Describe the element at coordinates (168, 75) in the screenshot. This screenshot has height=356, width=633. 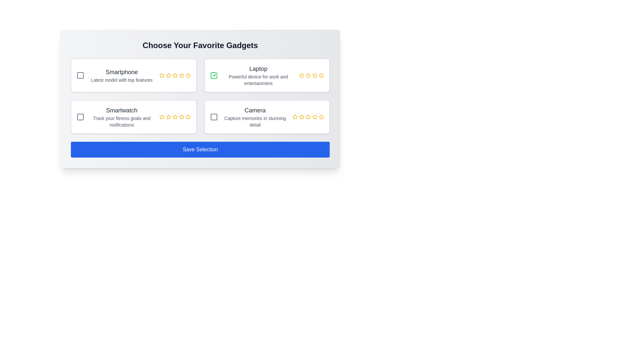
I see `the second star icon from the left in the rating section for the 'Smartphone' option` at that location.